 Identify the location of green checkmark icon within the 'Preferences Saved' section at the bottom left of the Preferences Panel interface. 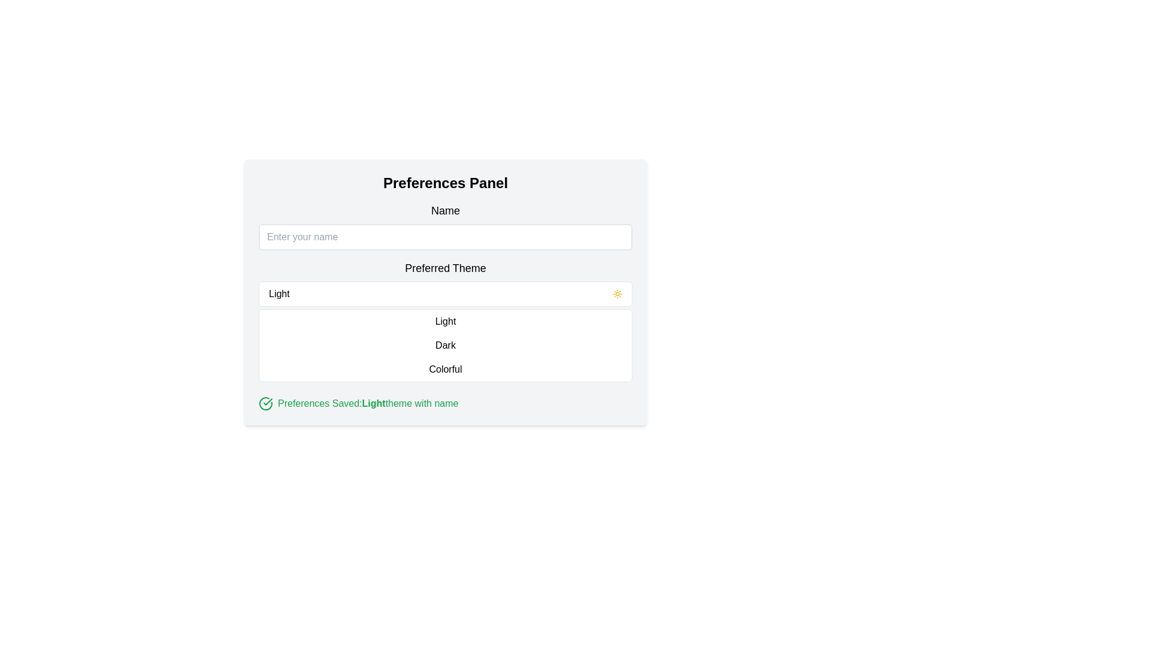
(265, 404).